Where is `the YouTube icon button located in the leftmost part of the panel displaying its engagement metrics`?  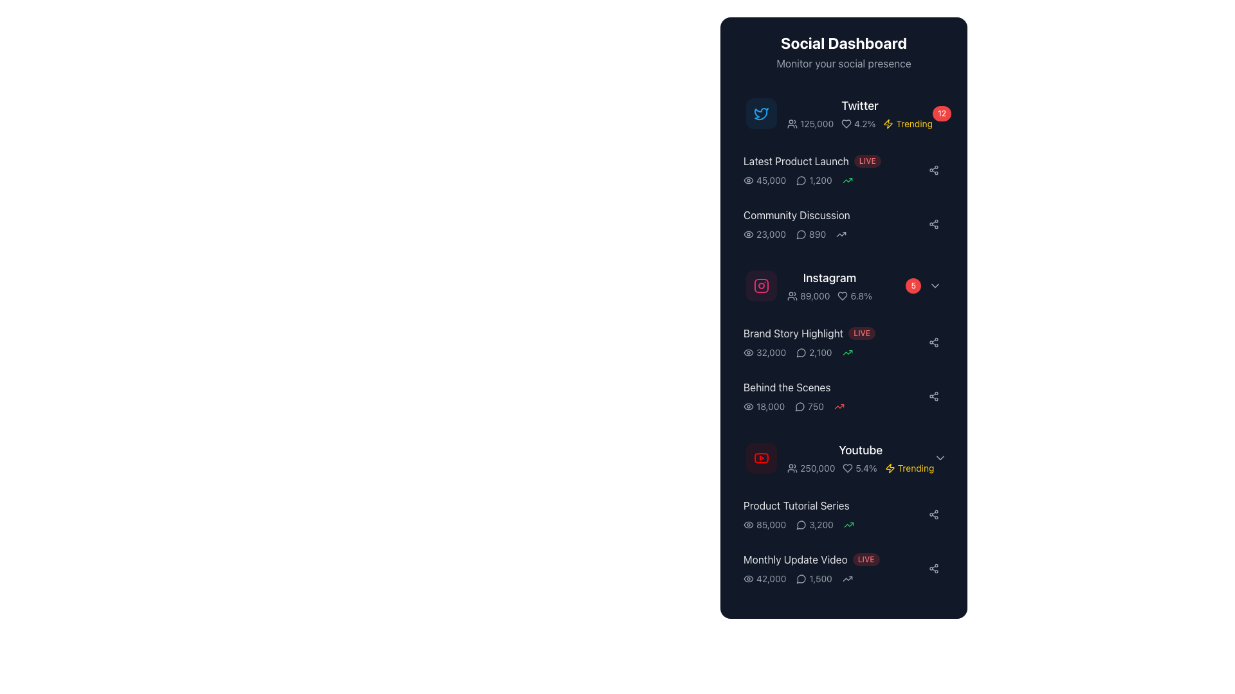 the YouTube icon button located in the leftmost part of the panel displaying its engagement metrics is located at coordinates (762, 458).